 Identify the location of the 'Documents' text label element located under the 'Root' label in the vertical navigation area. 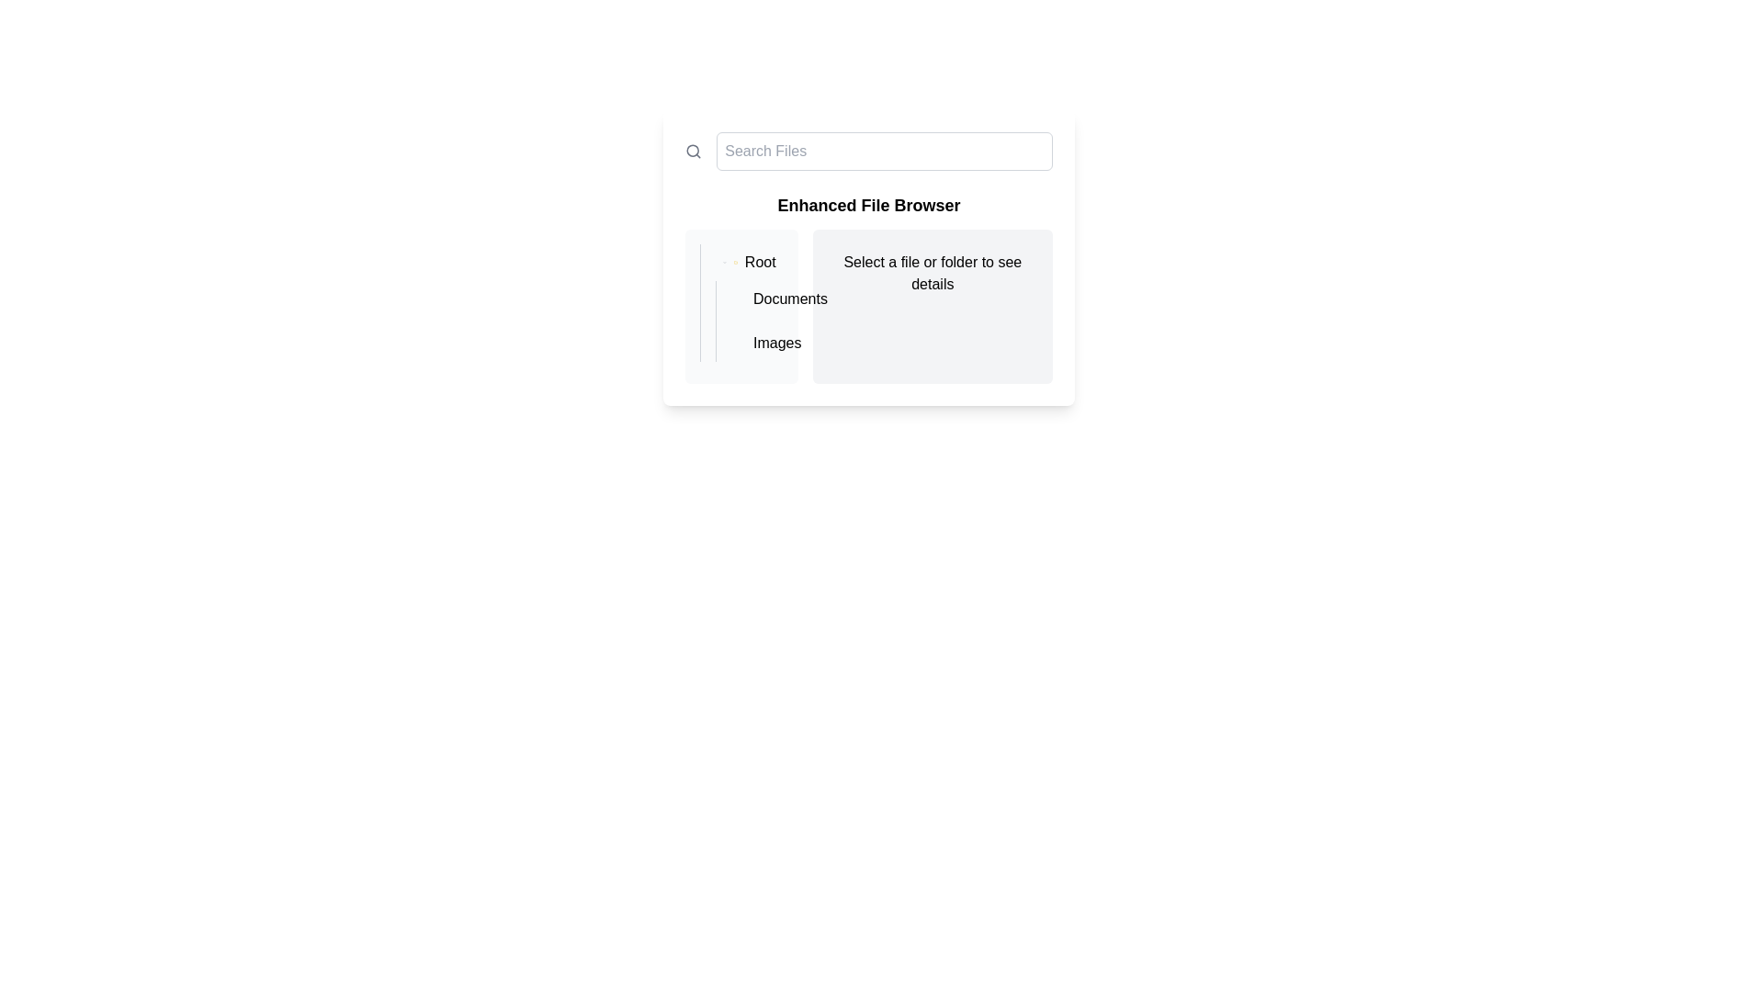
(790, 299).